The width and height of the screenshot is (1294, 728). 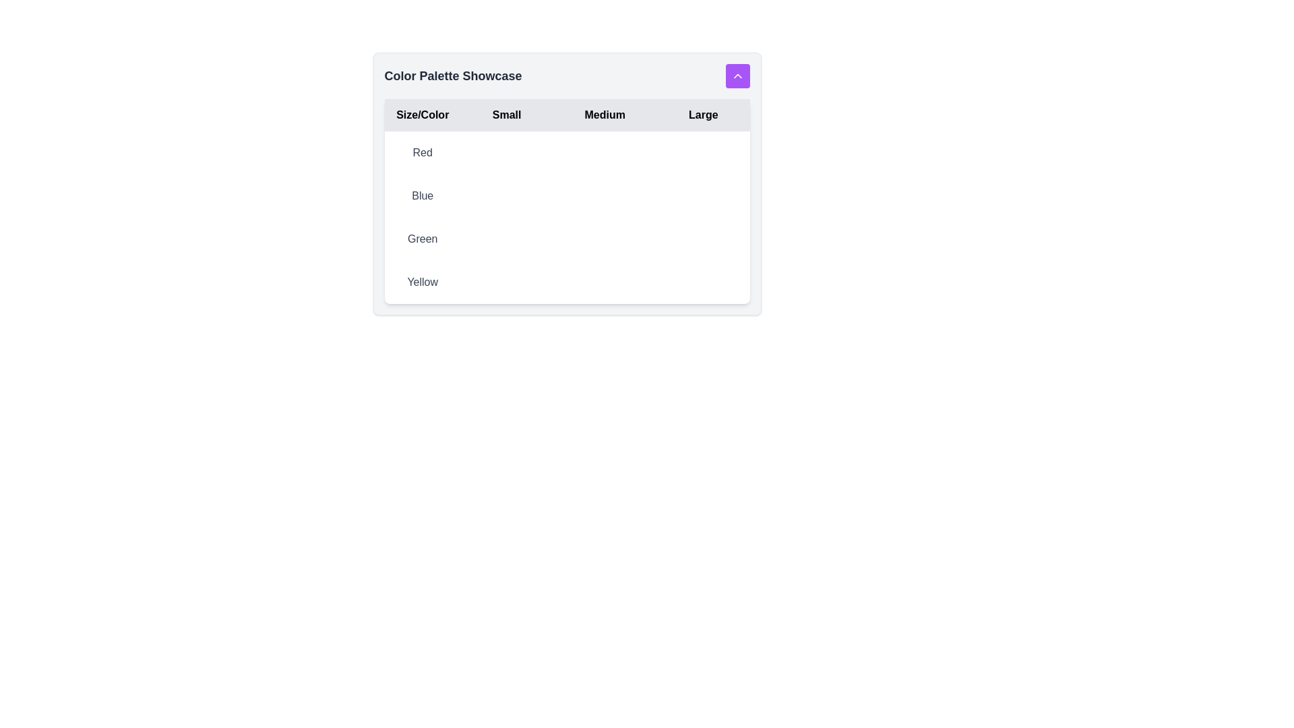 What do you see at coordinates (567, 202) in the screenshot?
I see `the central part of the table titled 'Color Palette Showcase' to interact with the available combinations of sizes and colors` at bounding box center [567, 202].